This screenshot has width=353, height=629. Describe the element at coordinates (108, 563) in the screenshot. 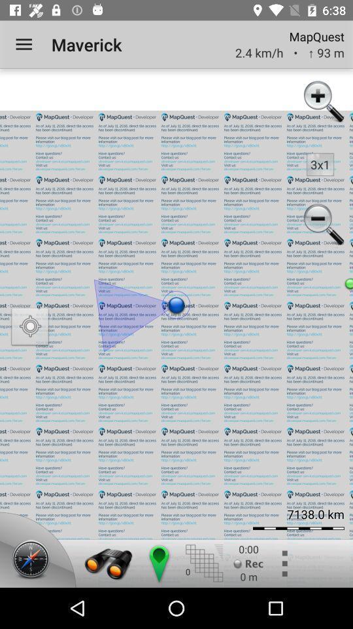

I see `search map` at that location.